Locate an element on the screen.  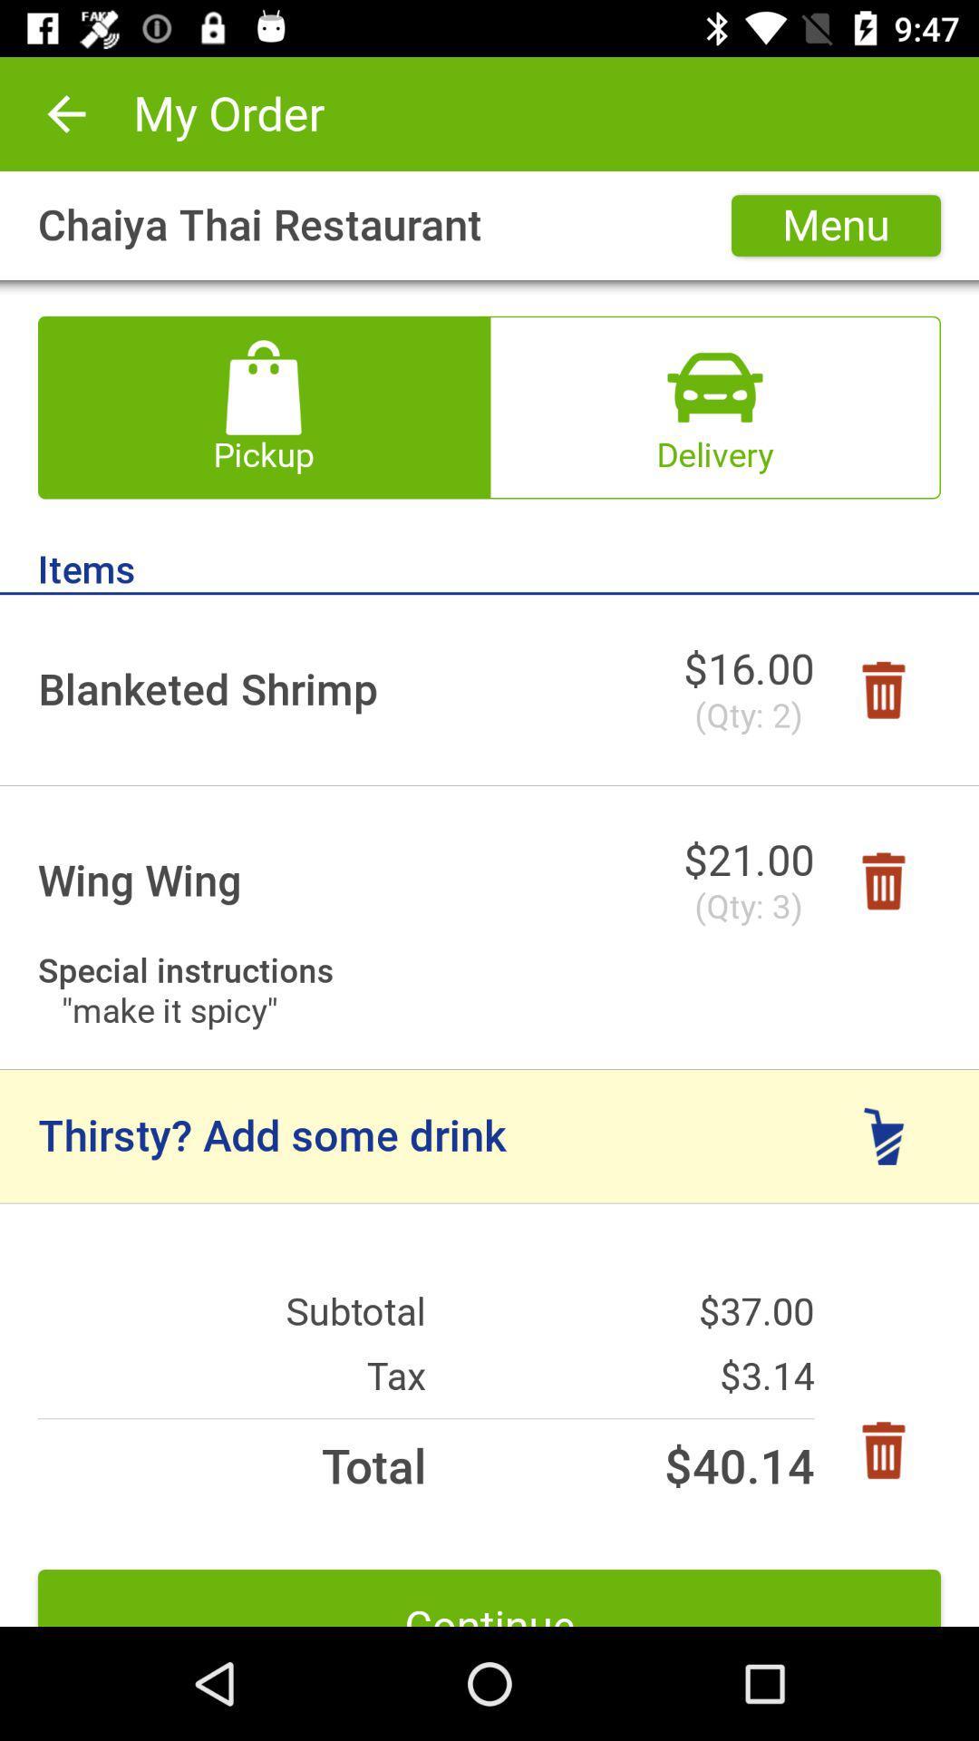
the menu is located at coordinates (836, 225).